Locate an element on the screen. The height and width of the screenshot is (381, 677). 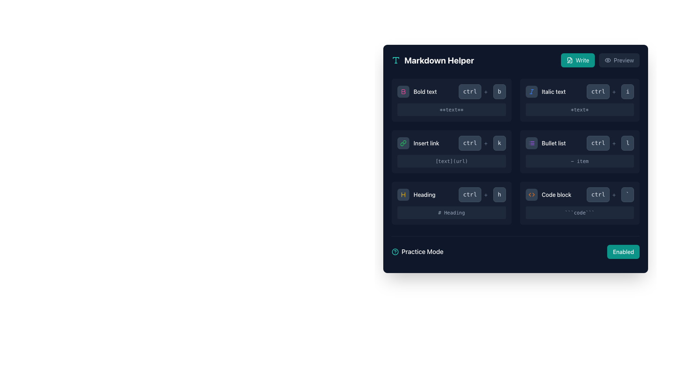
the 'Markdown Helper' text heading, which is styled in bold, white, large-sized font against a navy background, located at the top-left corner of the central UI panel is located at coordinates (439, 60).